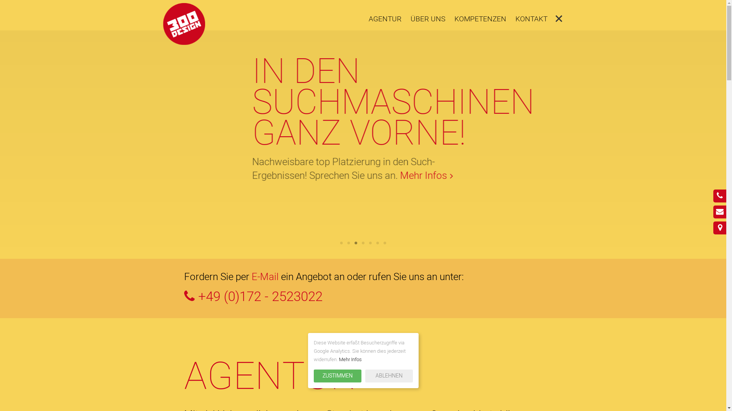 The width and height of the screenshot is (732, 411). What do you see at coordinates (361, 243) in the screenshot?
I see `'4'` at bounding box center [361, 243].